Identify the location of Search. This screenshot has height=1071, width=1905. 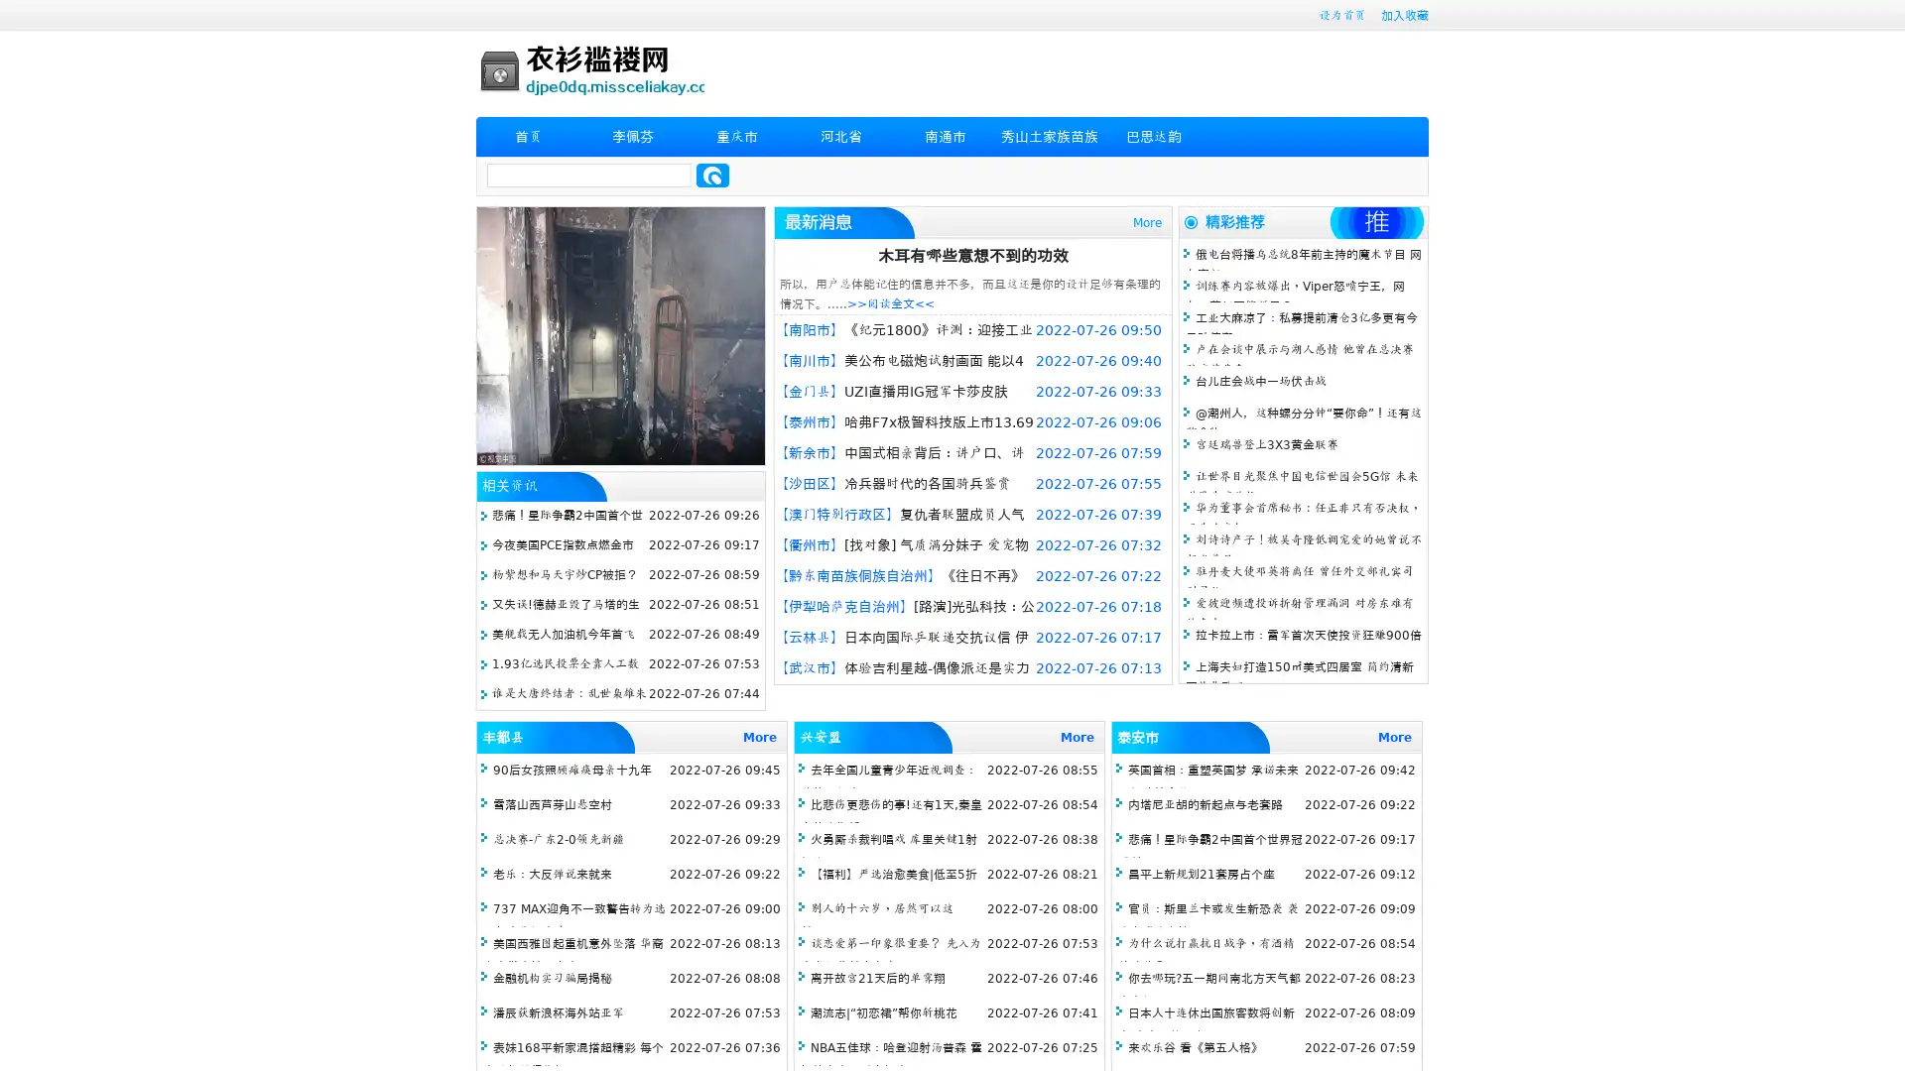
(712, 175).